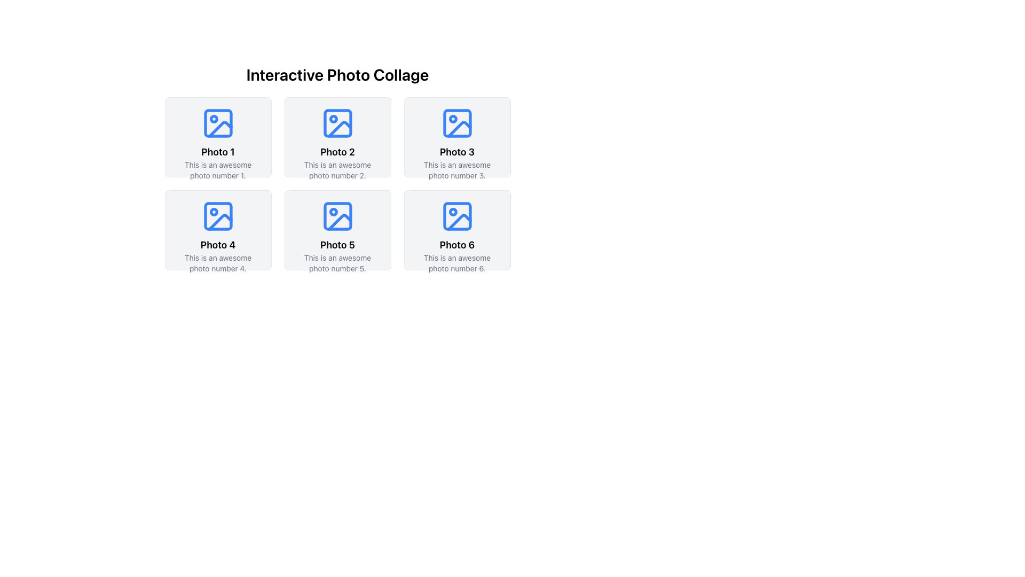 Image resolution: width=1025 pixels, height=577 pixels. Describe the element at coordinates (337, 170) in the screenshot. I see `text from the text label that states 'This is an awesome photo number 2.' This label is styled with a small gray font and is positioned below 'Photo 2'` at that location.